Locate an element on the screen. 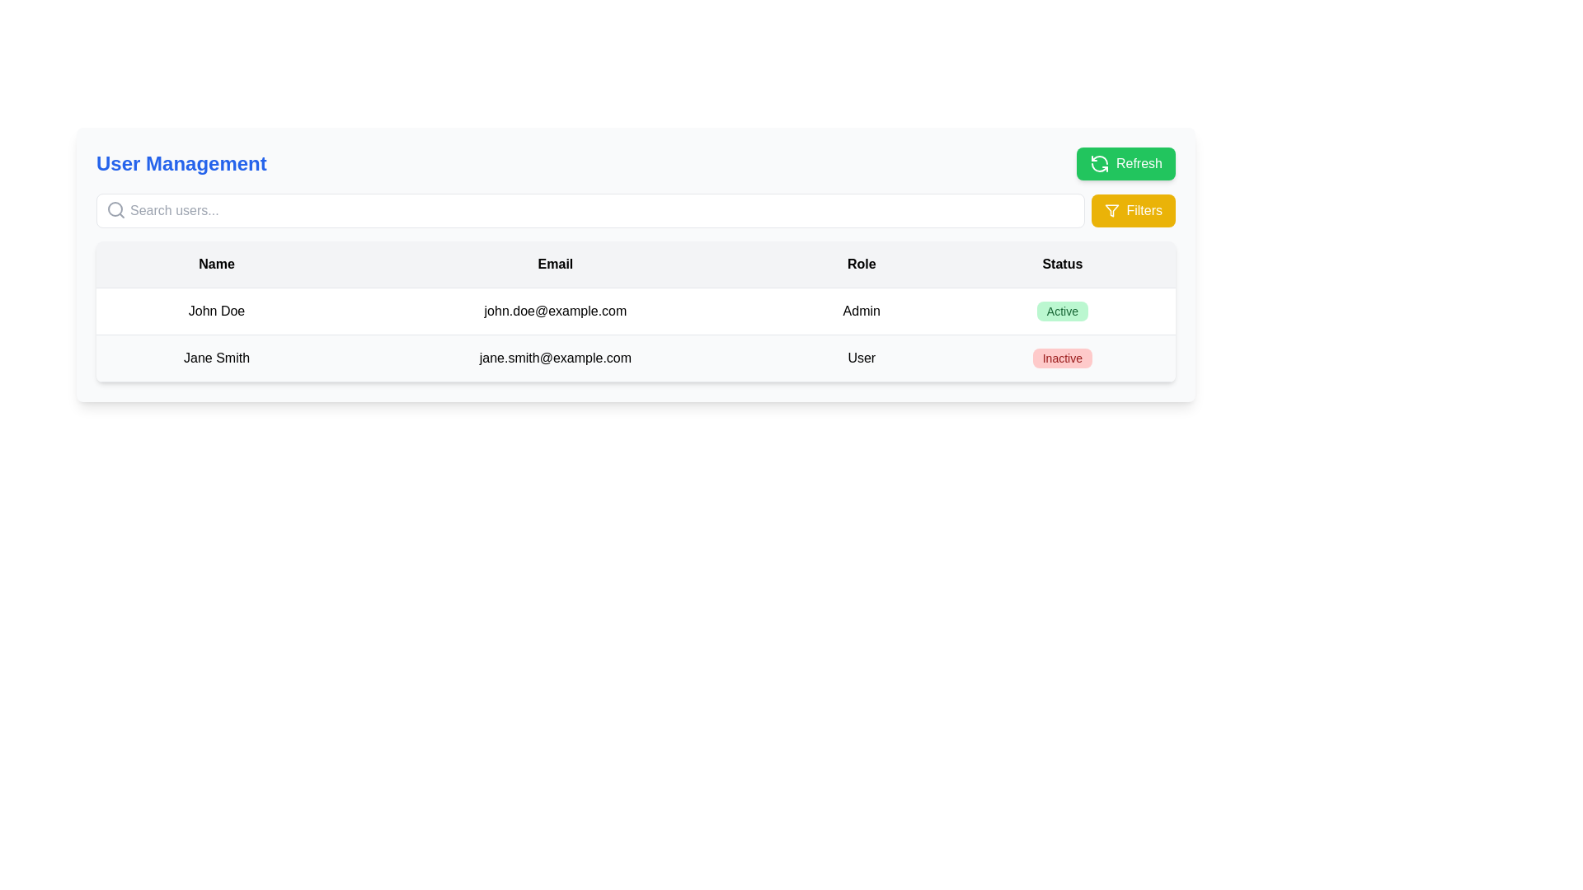 The height and width of the screenshot is (890, 1583). the text label displaying the email 'john.doe@example.com' located in the second column of the first row within a table-like structure is located at coordinates (555, 311).